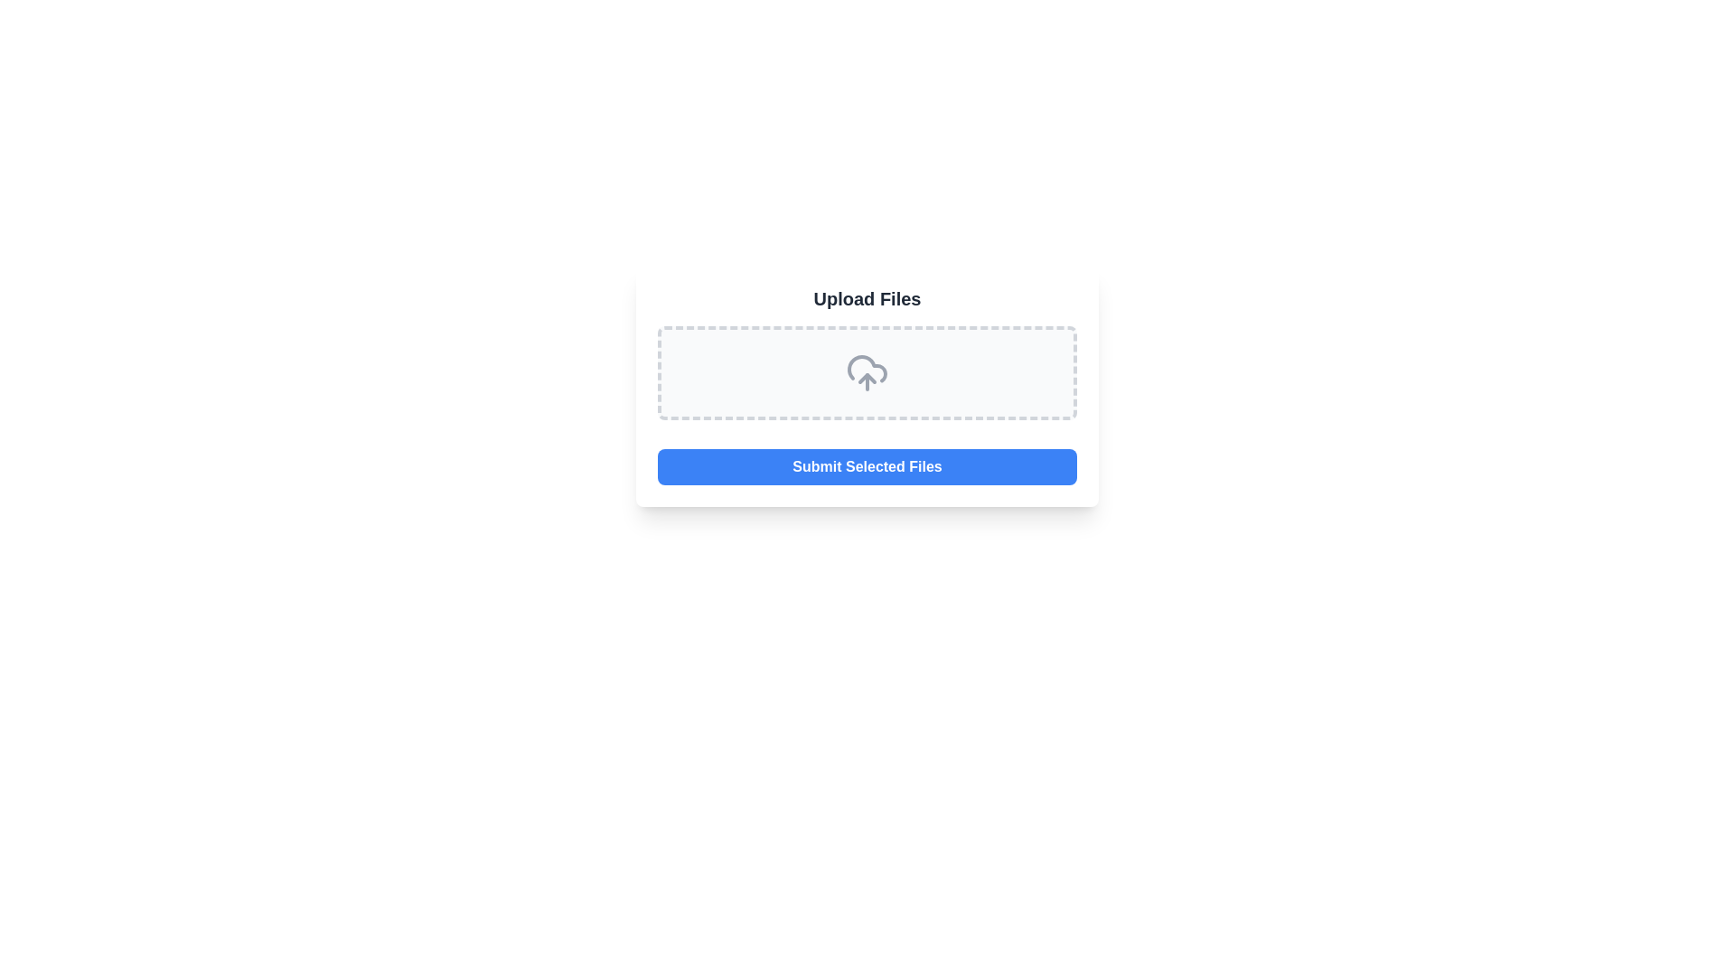  I want to click on the Drag-and-drop file upload area, which has a dashed border and a central cloud icon with an upward arrow, so click(867, 371).